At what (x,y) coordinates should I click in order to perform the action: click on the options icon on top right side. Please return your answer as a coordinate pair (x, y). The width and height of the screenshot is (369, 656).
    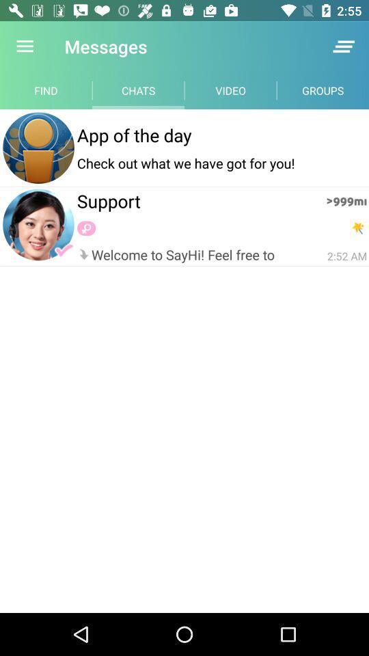
    Looking at the image, I should click on (343, 46).